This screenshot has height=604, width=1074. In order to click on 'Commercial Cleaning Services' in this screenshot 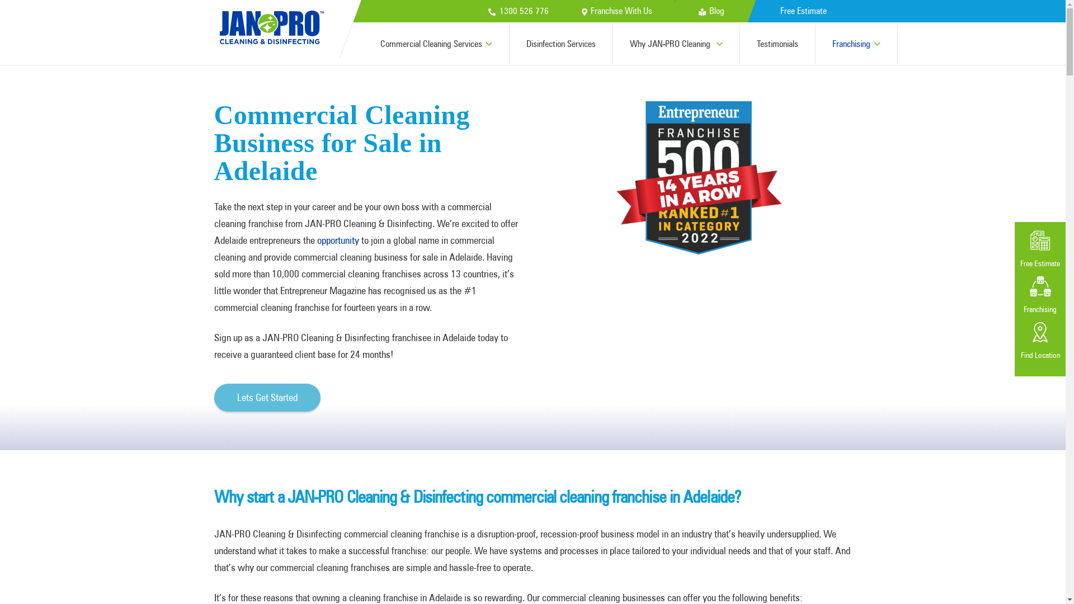, I will do `click(436, 43)`.